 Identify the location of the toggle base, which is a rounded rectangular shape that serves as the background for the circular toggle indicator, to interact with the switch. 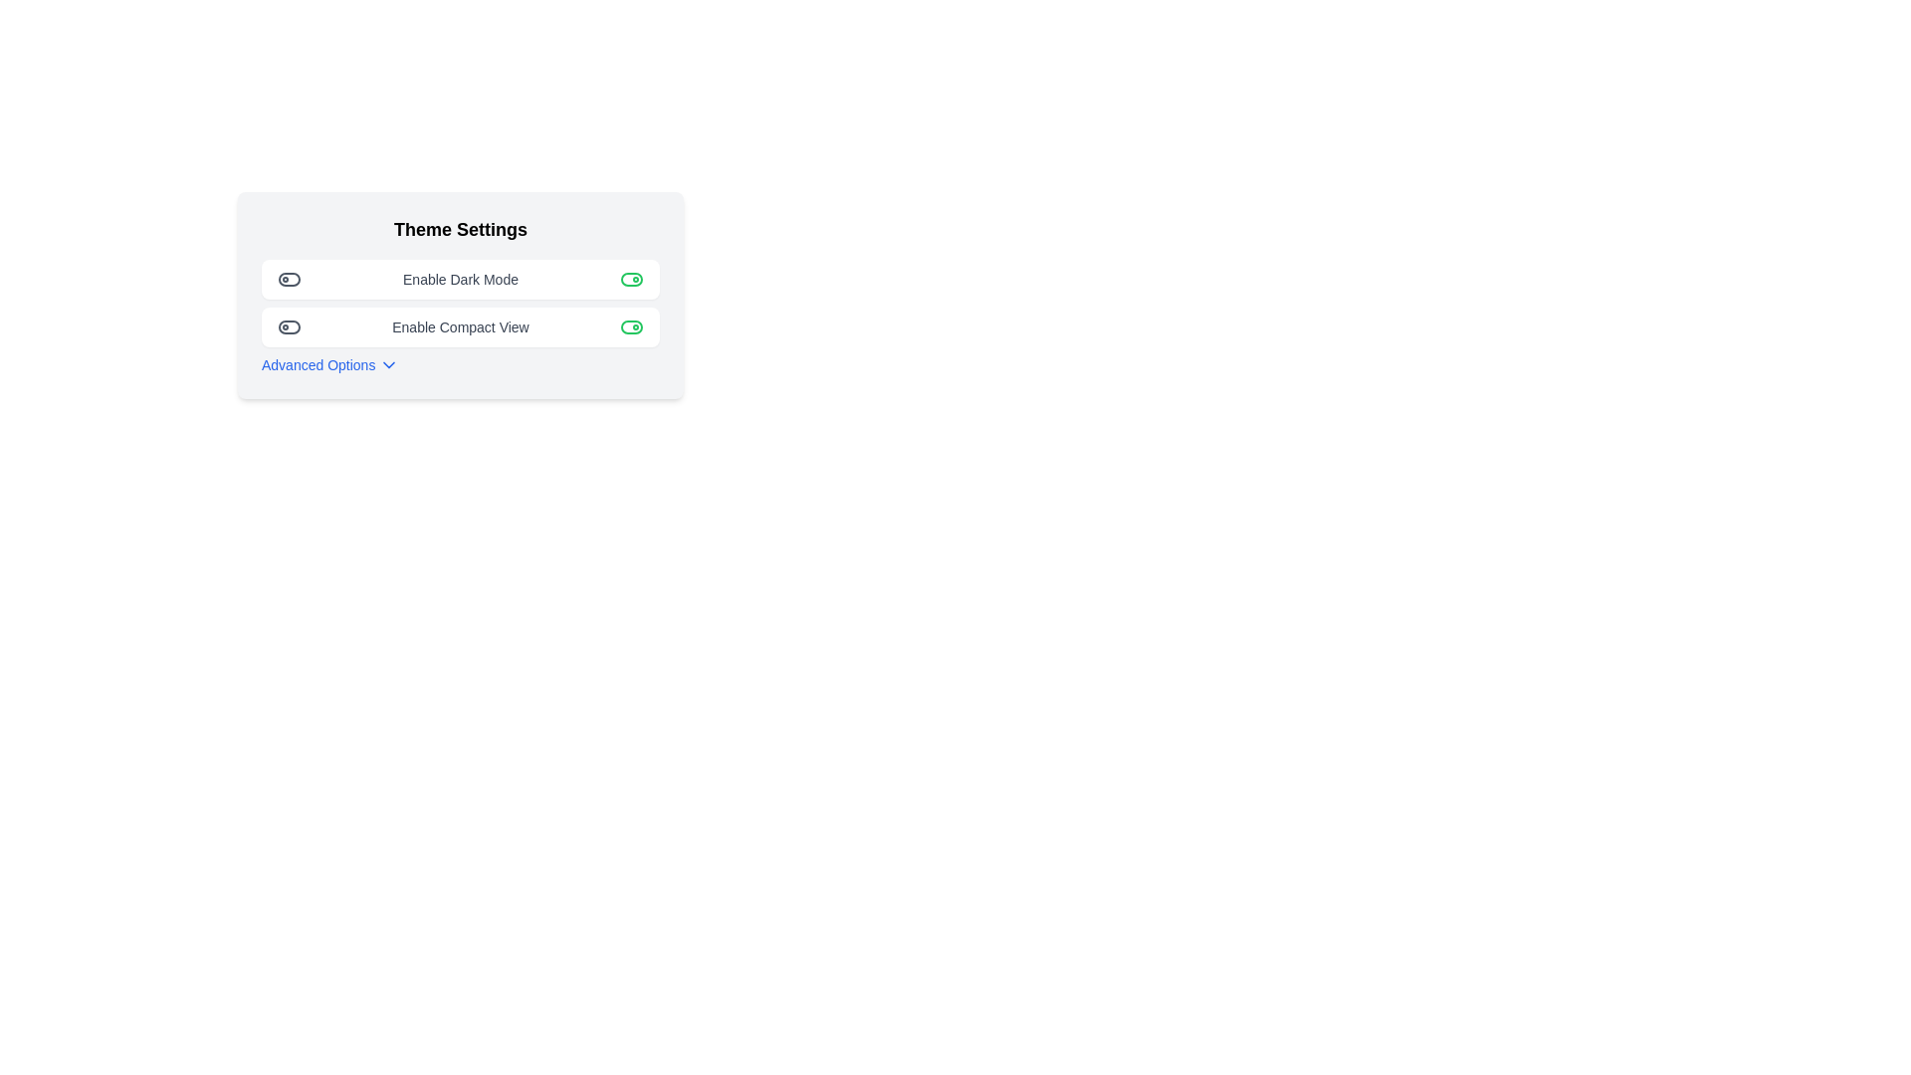
(289, 280).